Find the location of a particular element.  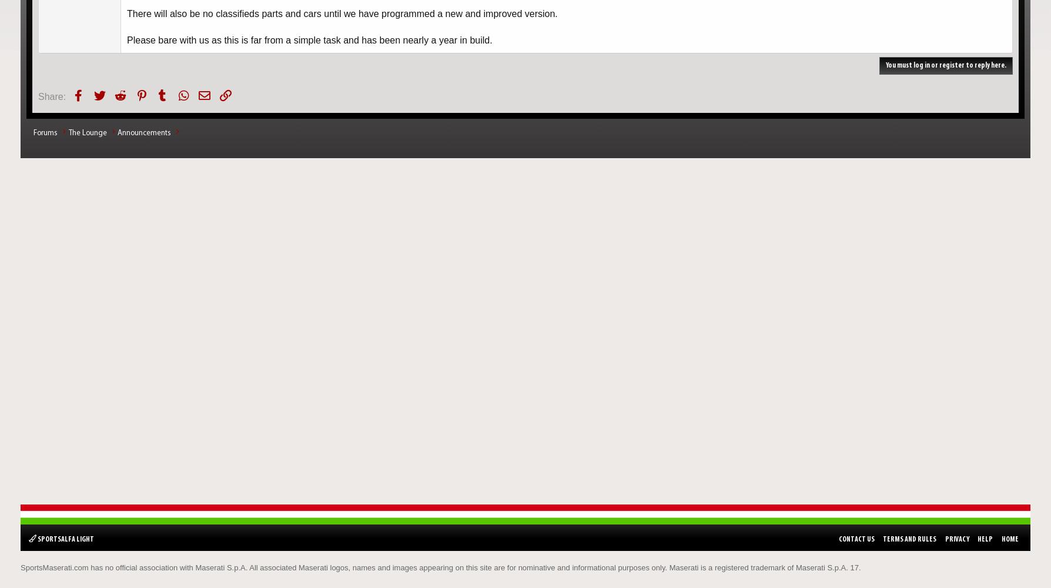

'Forums' is located at coordinates (45, 132).